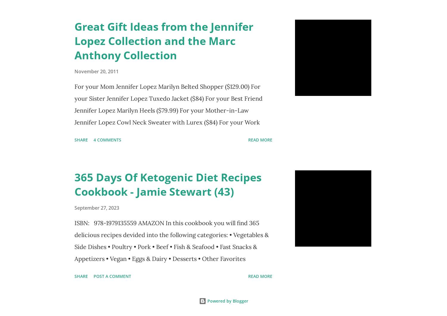 This screenshot has width=447, height=316. I want to click on 'November 20, 2011', so click(96, 71).